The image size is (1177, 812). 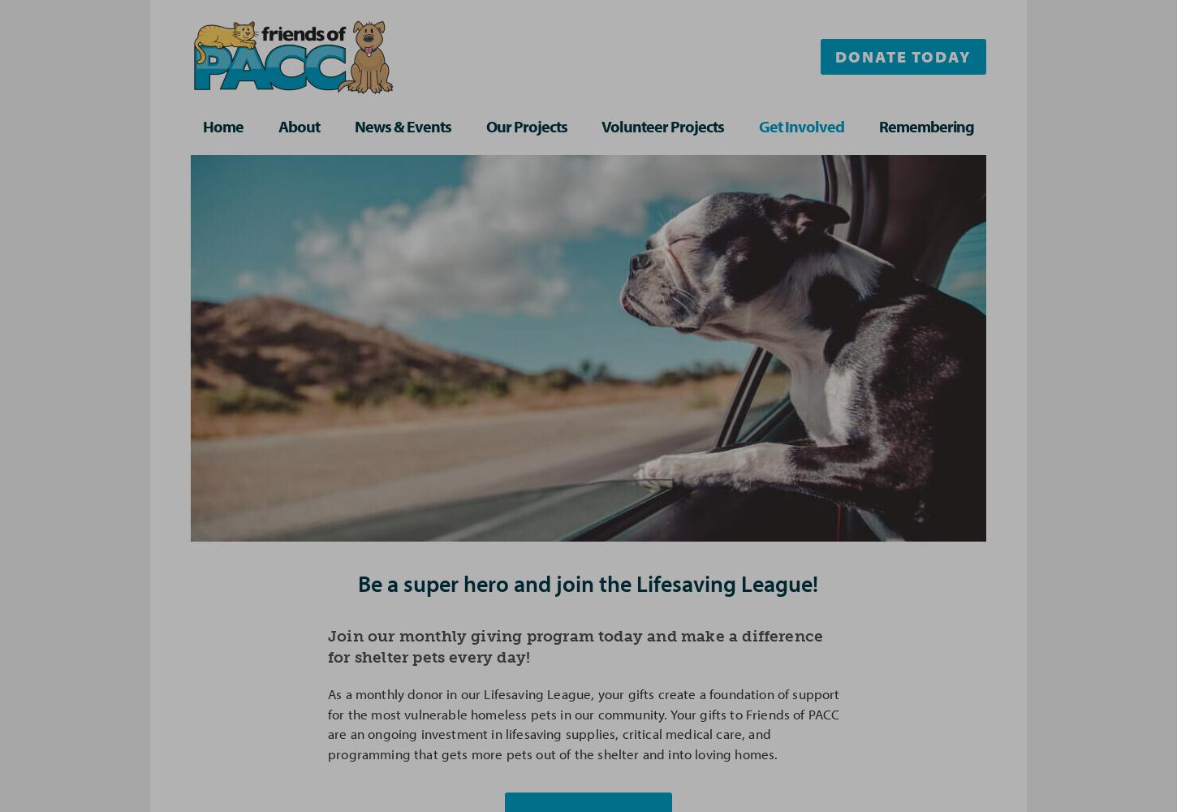 What do you see at coordinates (587, 581) in the screenshot?
I see `'Be a super hero and join the Lifesaving League!'` at bounding box center [587, 581].